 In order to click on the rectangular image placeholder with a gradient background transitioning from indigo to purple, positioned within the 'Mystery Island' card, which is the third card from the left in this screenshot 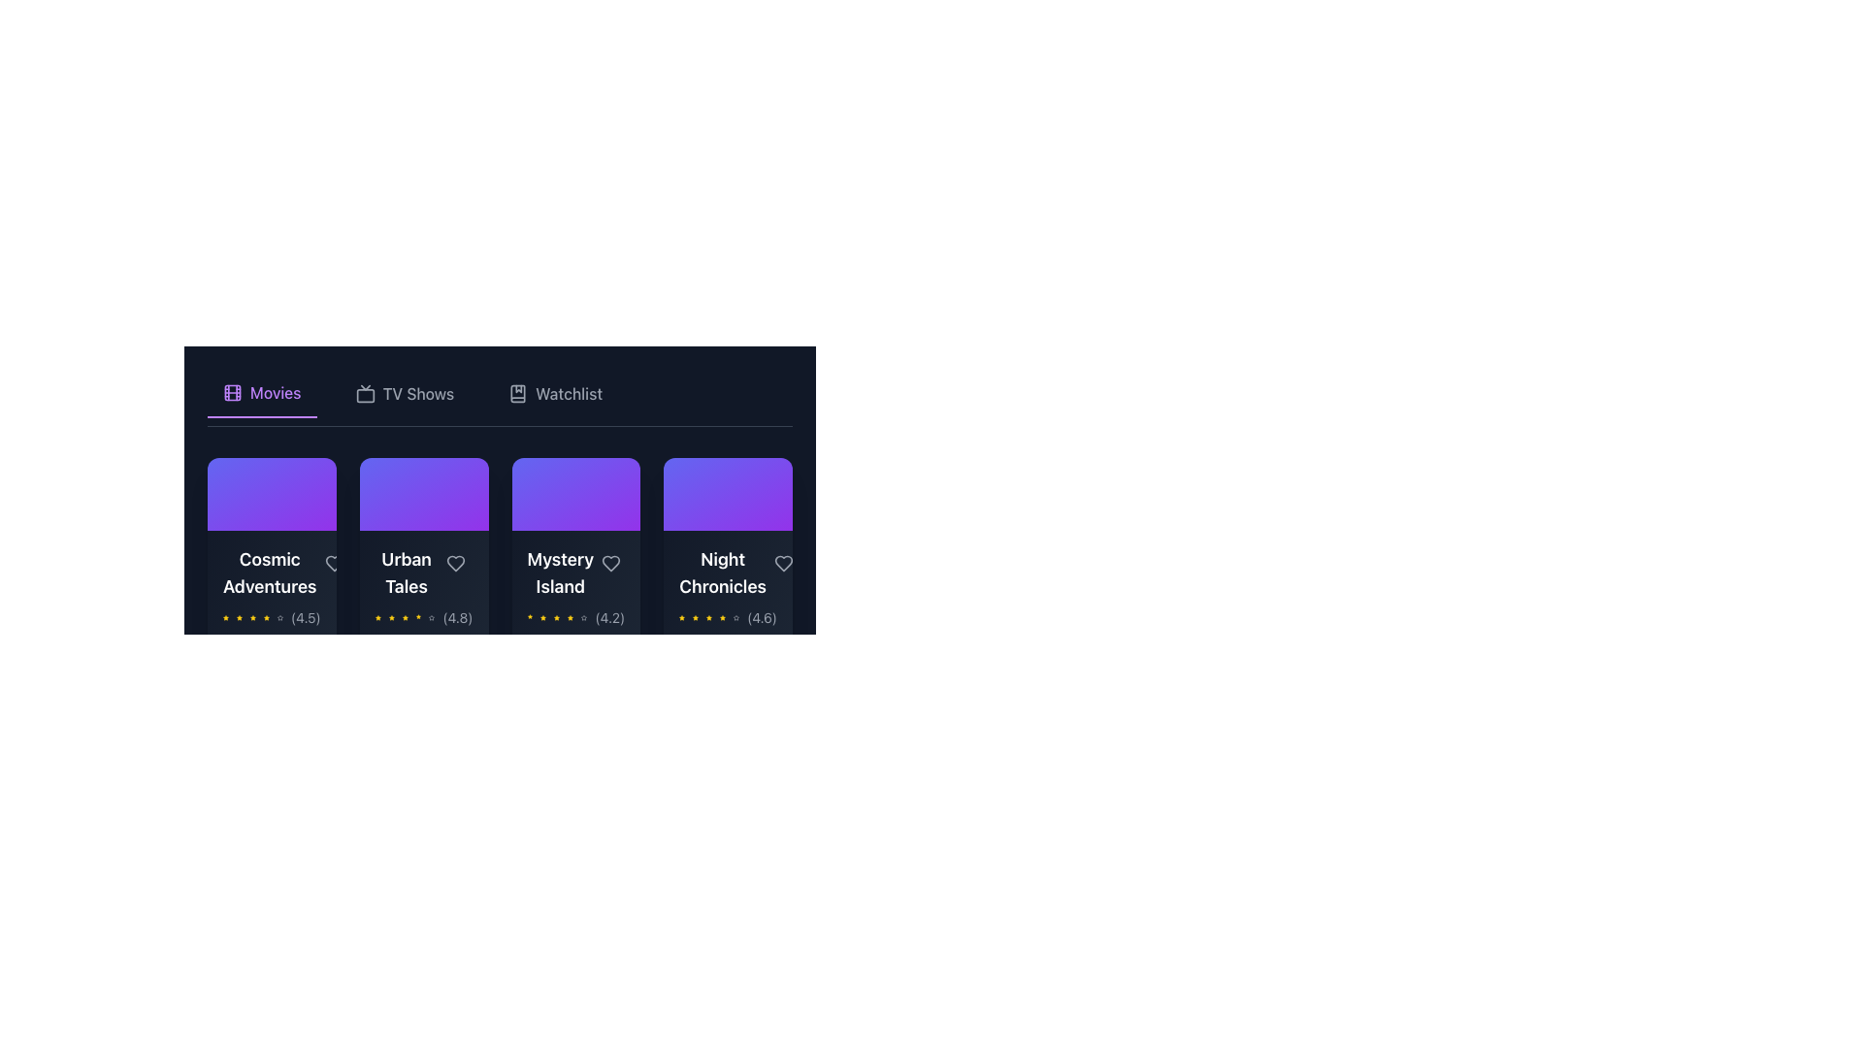, I will do `click(574, 493)`.